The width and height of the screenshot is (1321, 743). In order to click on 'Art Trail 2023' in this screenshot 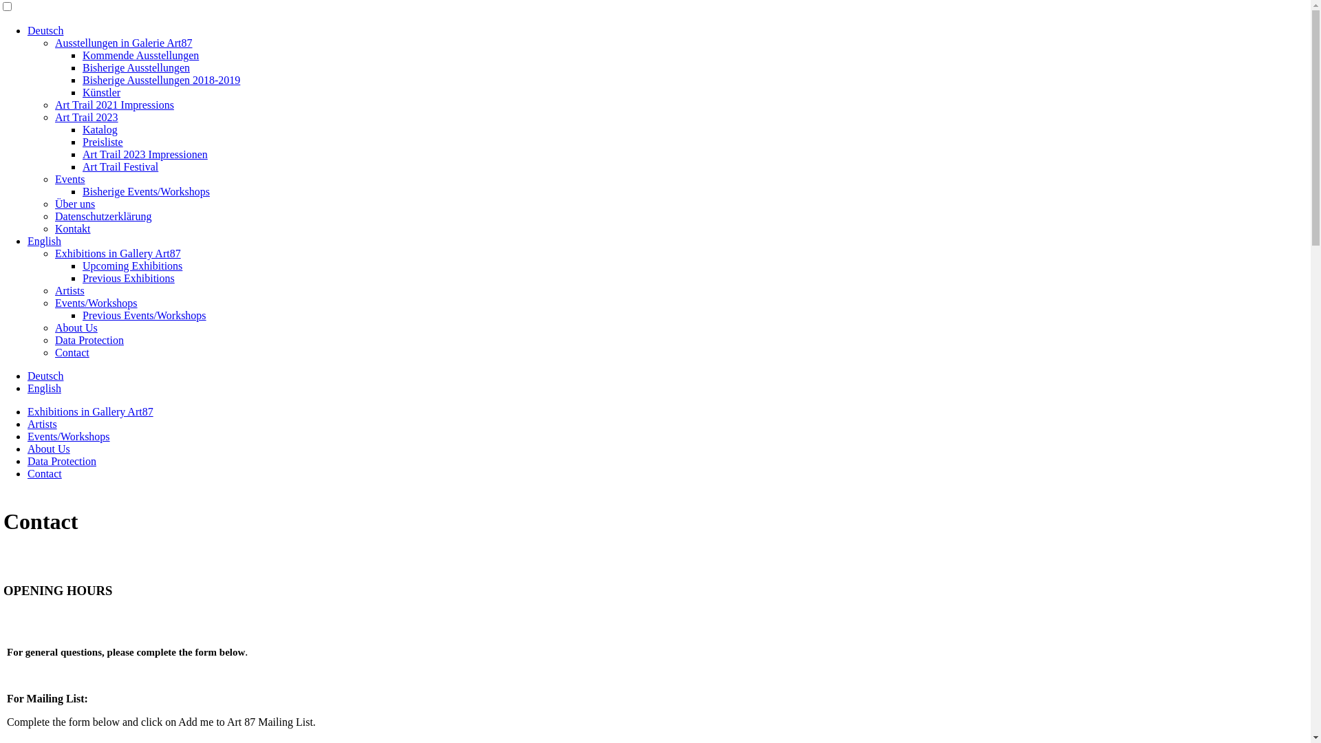, I will do `click(85, 116)`.